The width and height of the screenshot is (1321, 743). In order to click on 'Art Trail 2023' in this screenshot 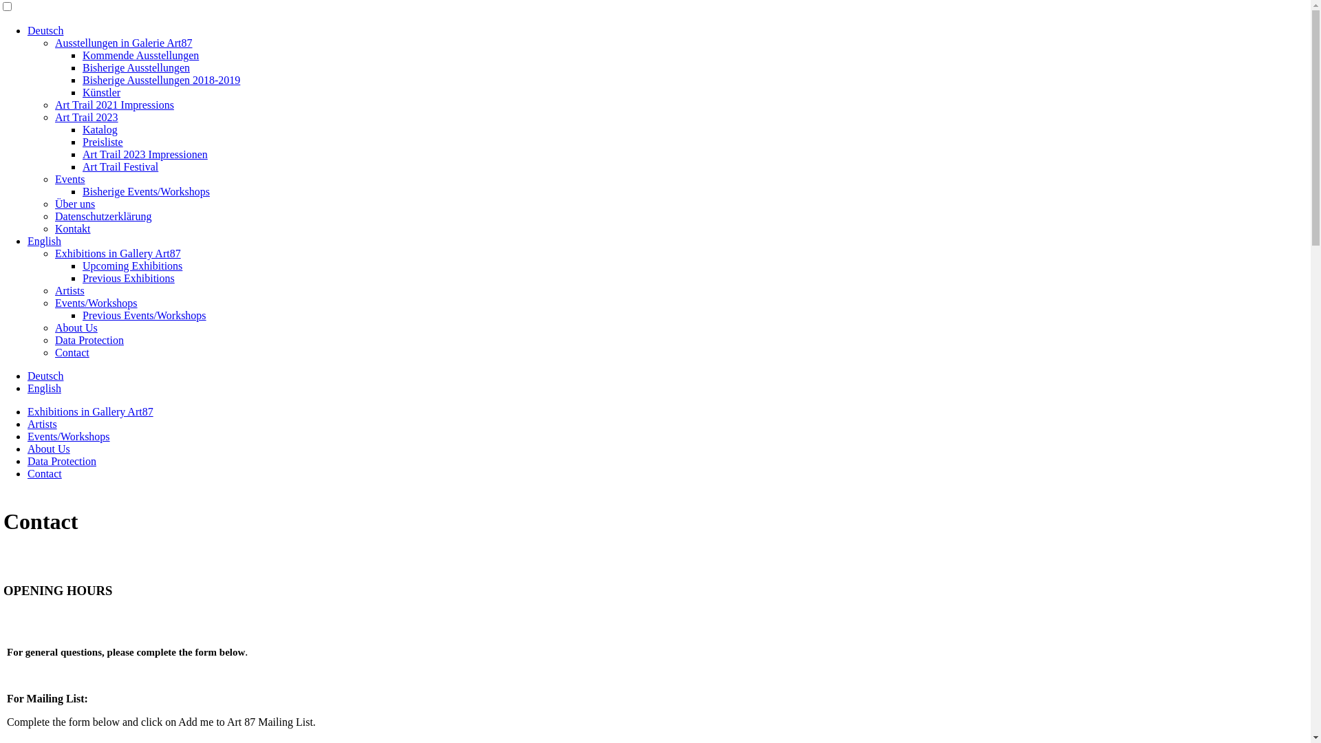, I will do `click(85, 116)`.